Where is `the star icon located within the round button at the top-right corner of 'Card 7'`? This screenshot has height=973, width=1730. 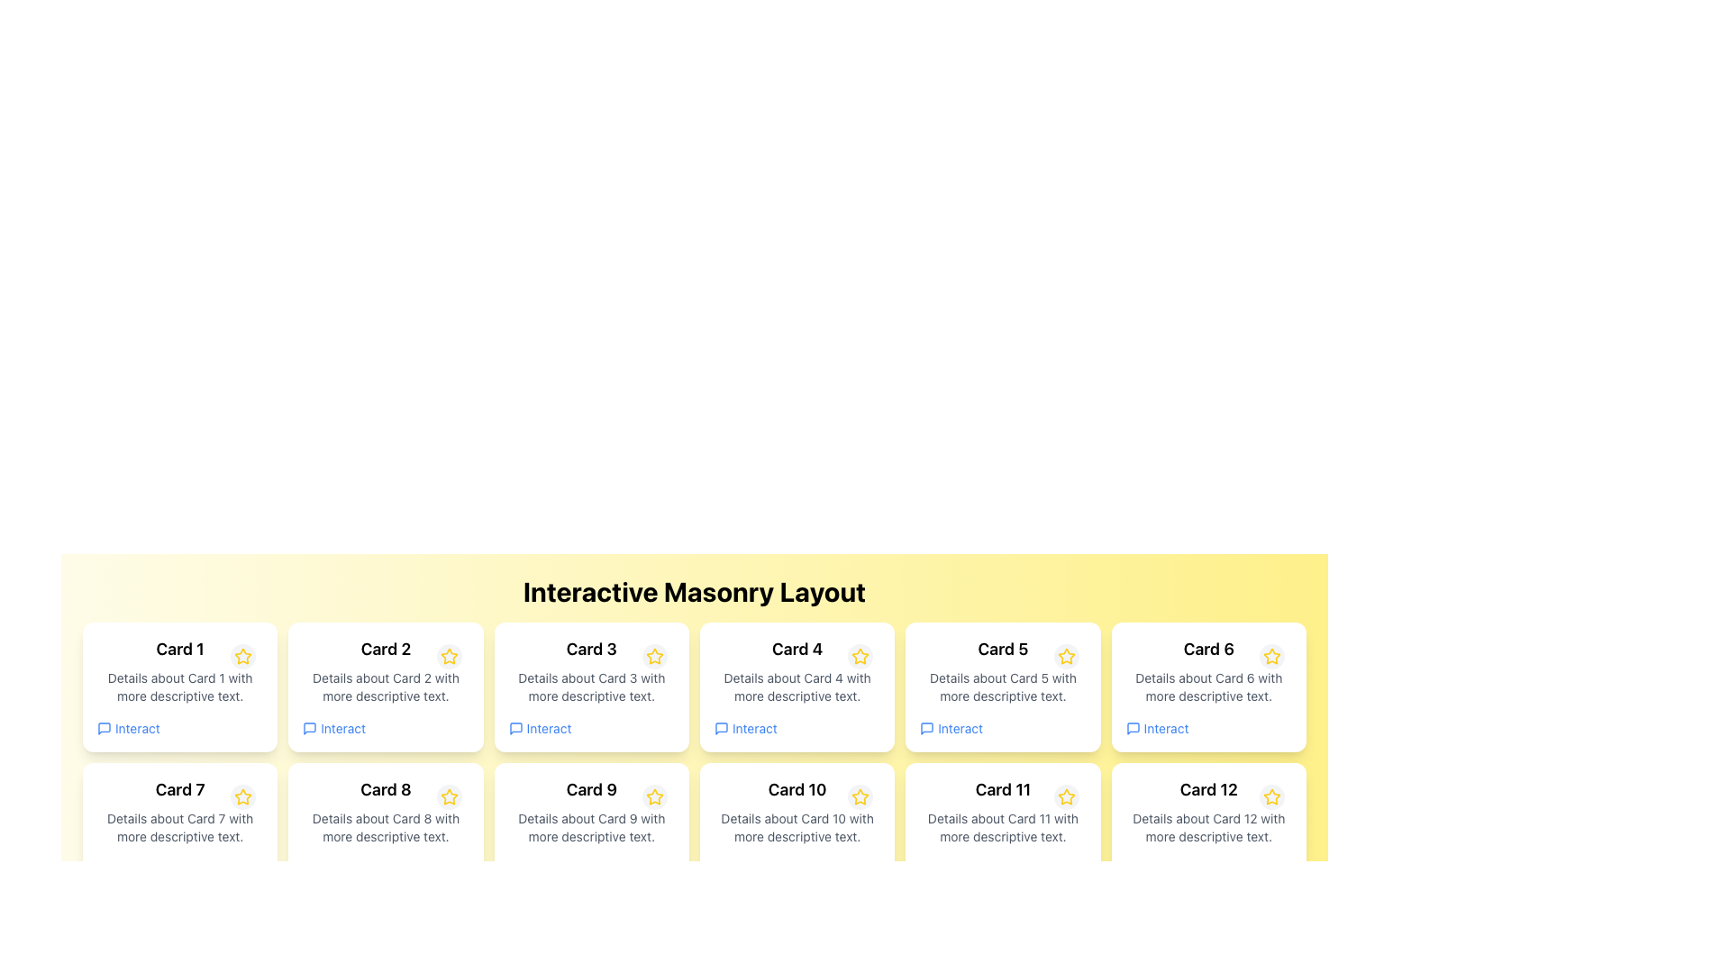
the star icon located within the round button at the top-right corner of 'Card 7' is located at coordinates (242, 796).